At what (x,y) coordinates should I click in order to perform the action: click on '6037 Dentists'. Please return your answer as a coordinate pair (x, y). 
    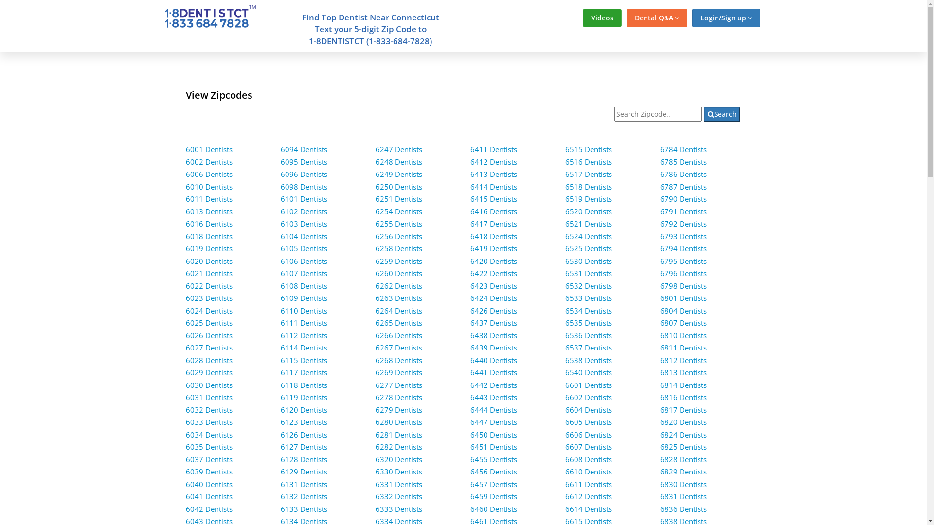
    Looking at the image, I should click on (209, 459).